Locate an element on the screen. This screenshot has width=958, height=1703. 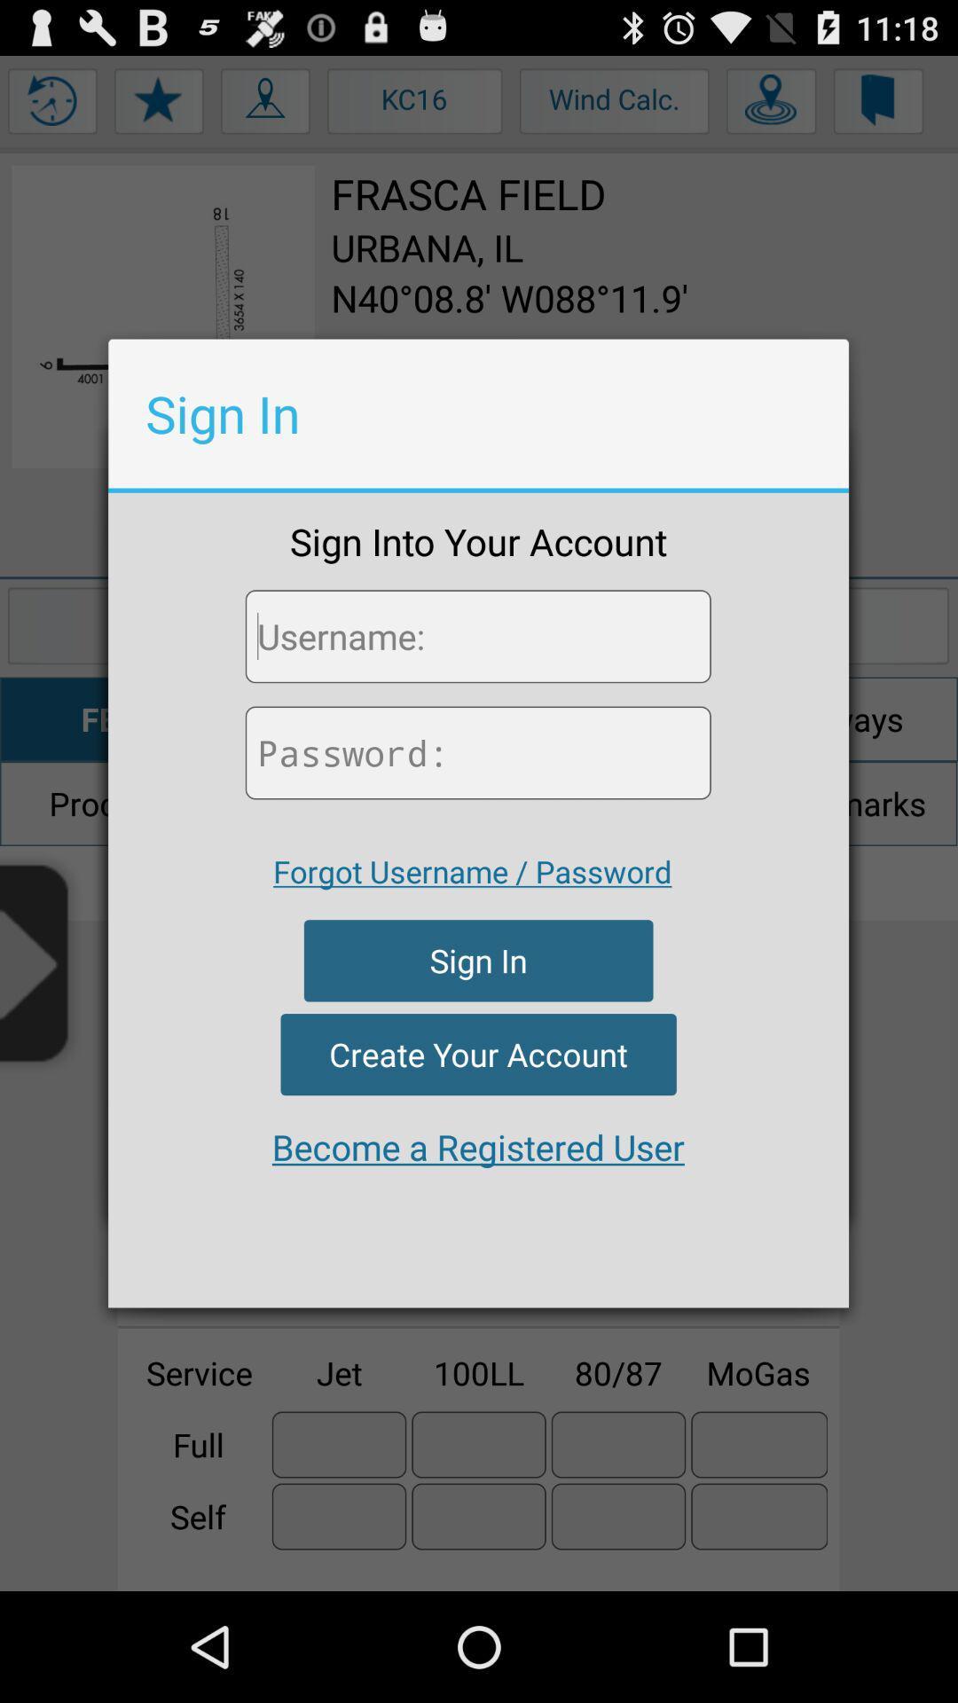
the forgot username / password app is located at coordinates (471, 871).